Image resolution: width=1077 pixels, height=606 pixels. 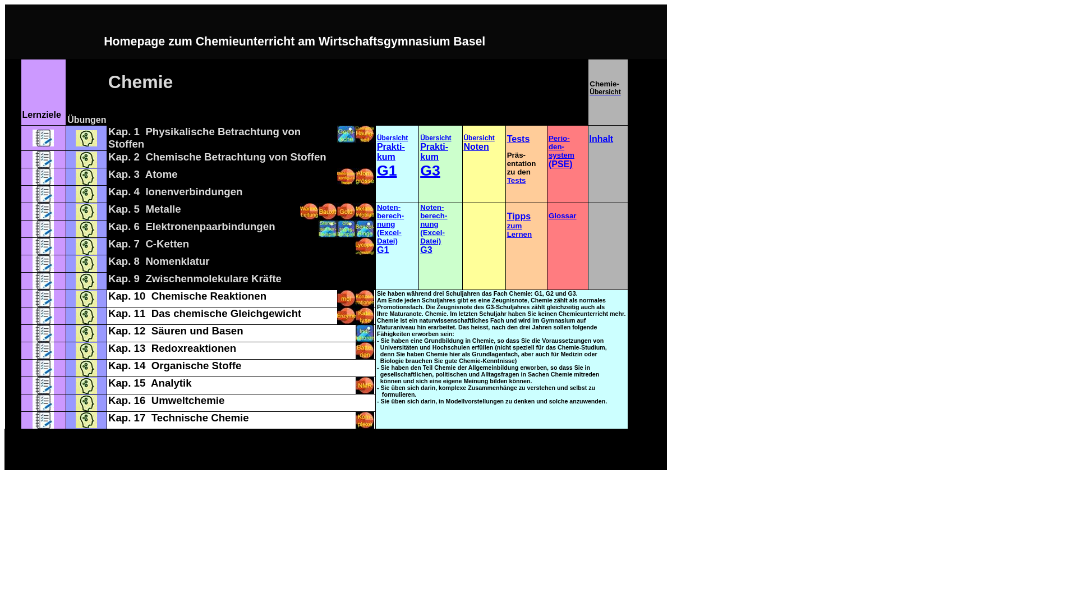 What do you see at coordinates (419, 207) in the screenshot?
I see `'Noten-'` at bounding box center [419, 207].